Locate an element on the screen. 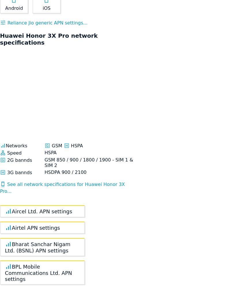 This screenshot has width=230, height=289. 'Bharat Sanchar Nigam Ltd. (BSNL) APN settings' is located at coordinates (37, 247).